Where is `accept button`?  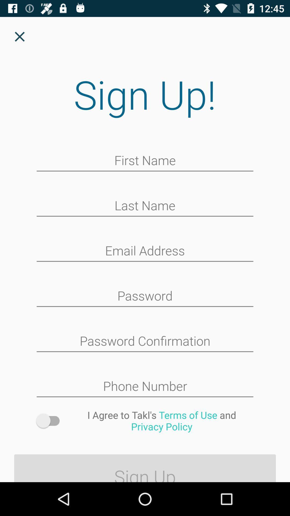
accept button is located at coordinates (50, 420).